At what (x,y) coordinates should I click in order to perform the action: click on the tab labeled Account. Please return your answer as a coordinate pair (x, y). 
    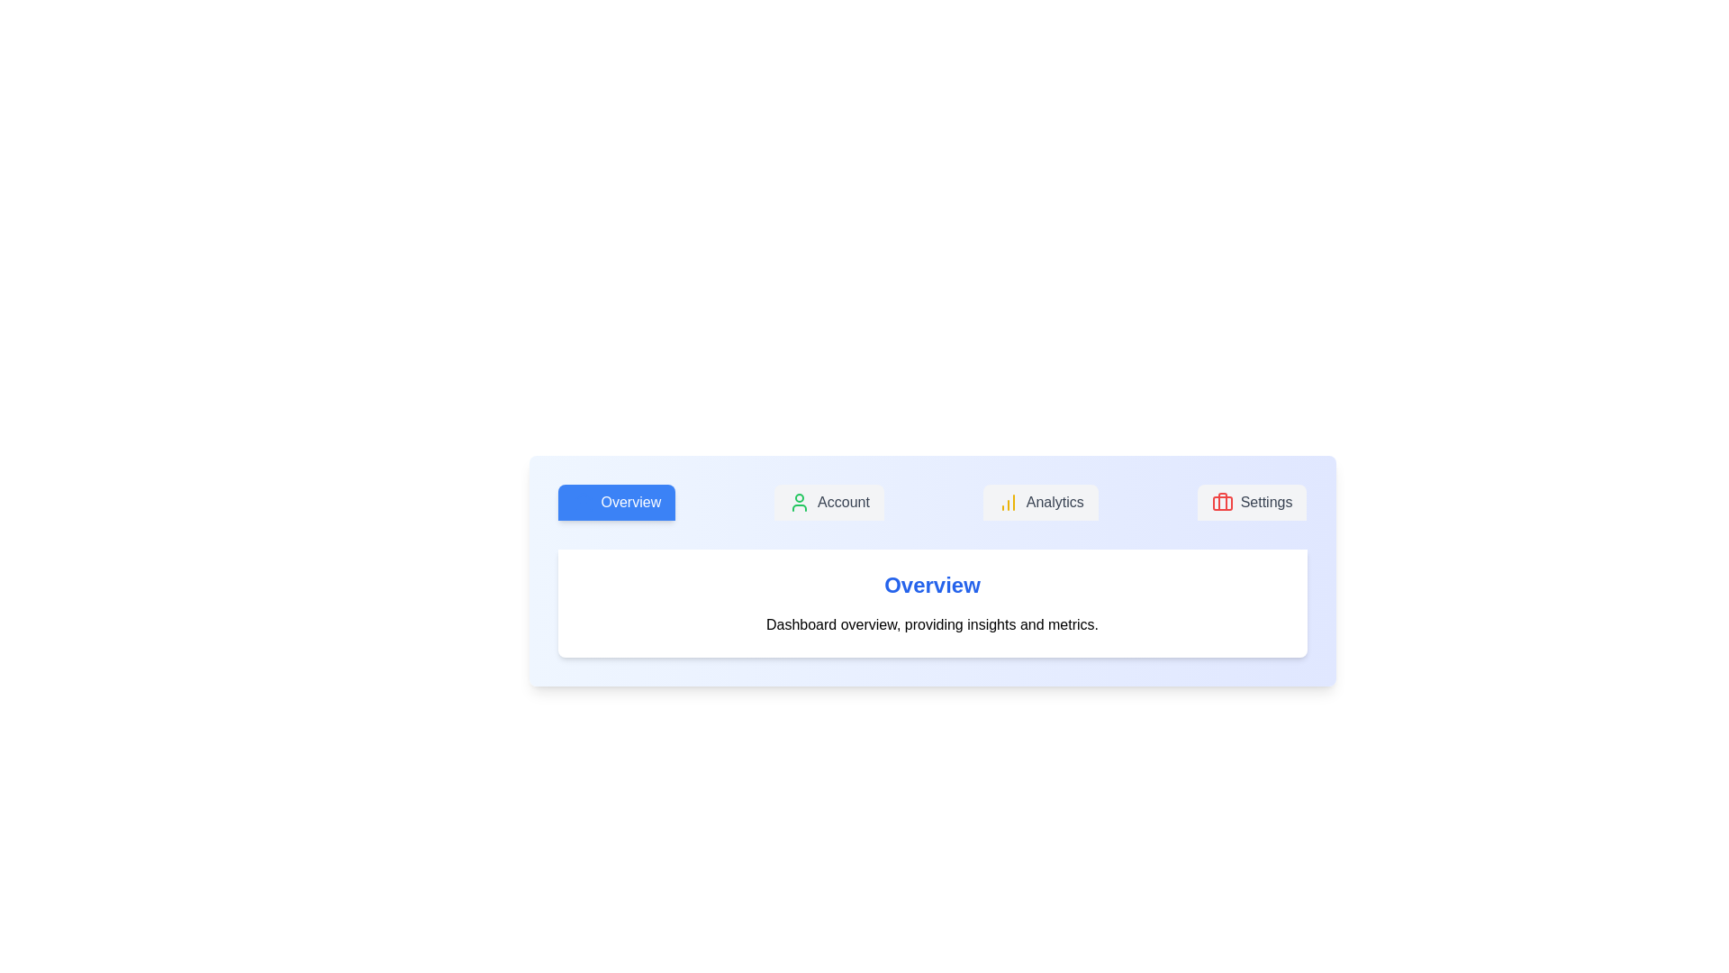
    Looking at the image, I should click on (828, 503).